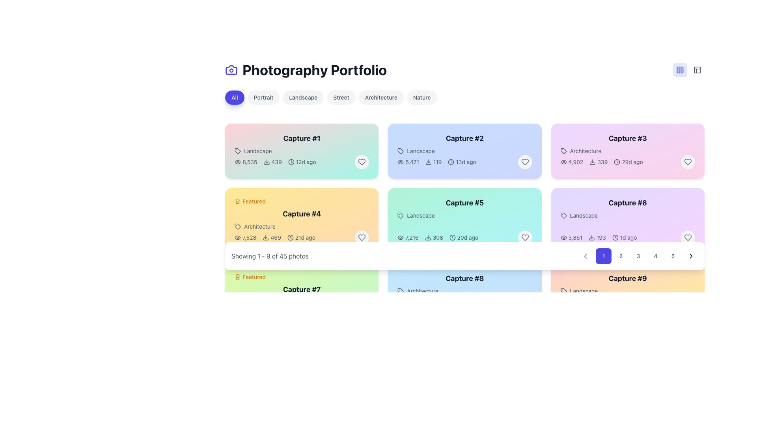 The height and width of the screenshot is (425, 757). Describe the element at coordinates (462, 162) in the screenshot. I see `information label with an icon located at the bottom-right corner of the light blue card labeled 'Capture #2' to check the time since the capture was added or last updated` at that location.